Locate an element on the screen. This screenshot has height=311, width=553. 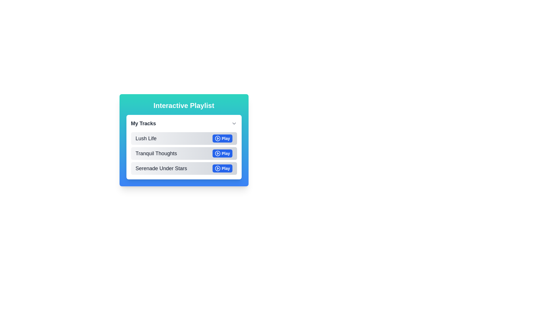
the Play button icon located in the second row of the list of tracks titled 'Tranquil Thoughts' to play the track is located at coordinates (217, 153).